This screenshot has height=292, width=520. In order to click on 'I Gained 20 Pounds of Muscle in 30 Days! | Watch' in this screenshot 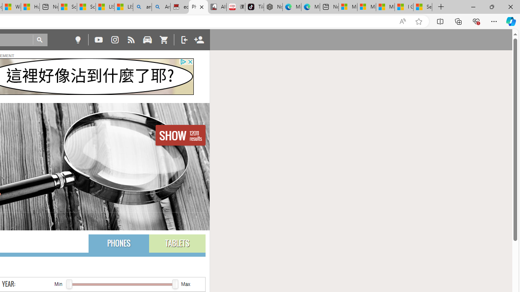, I will do `click(404, 7)`.